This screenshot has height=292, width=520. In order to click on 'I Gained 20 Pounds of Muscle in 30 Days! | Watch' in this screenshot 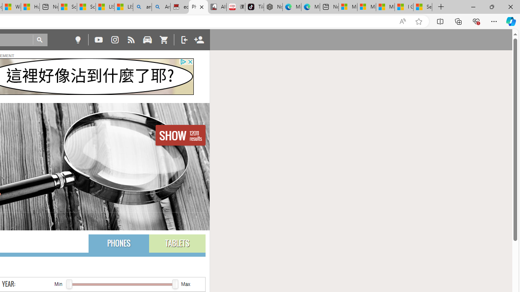, I will do `click(404, 7)`.